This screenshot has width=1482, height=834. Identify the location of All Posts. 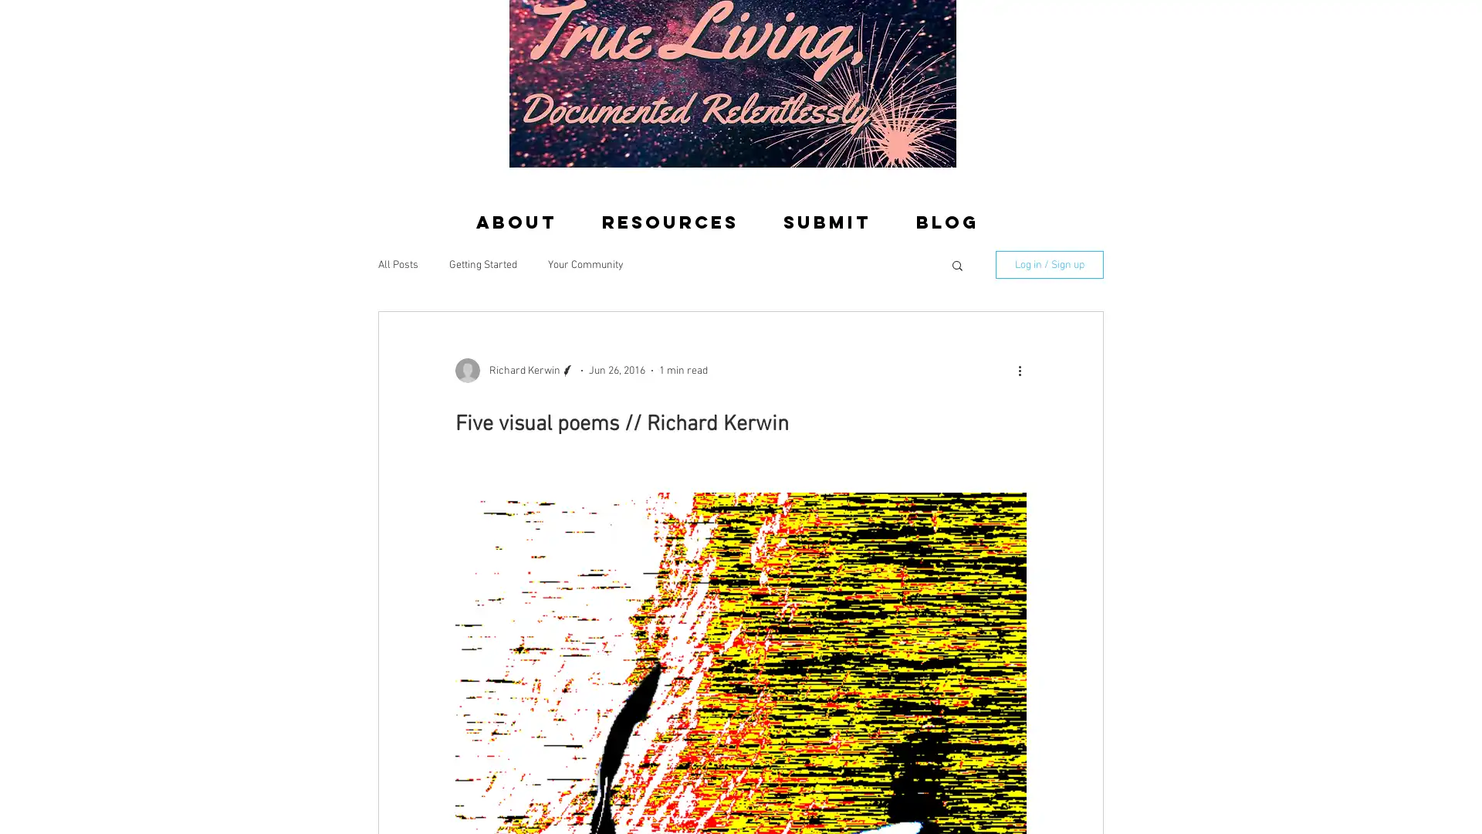
(398, 263).